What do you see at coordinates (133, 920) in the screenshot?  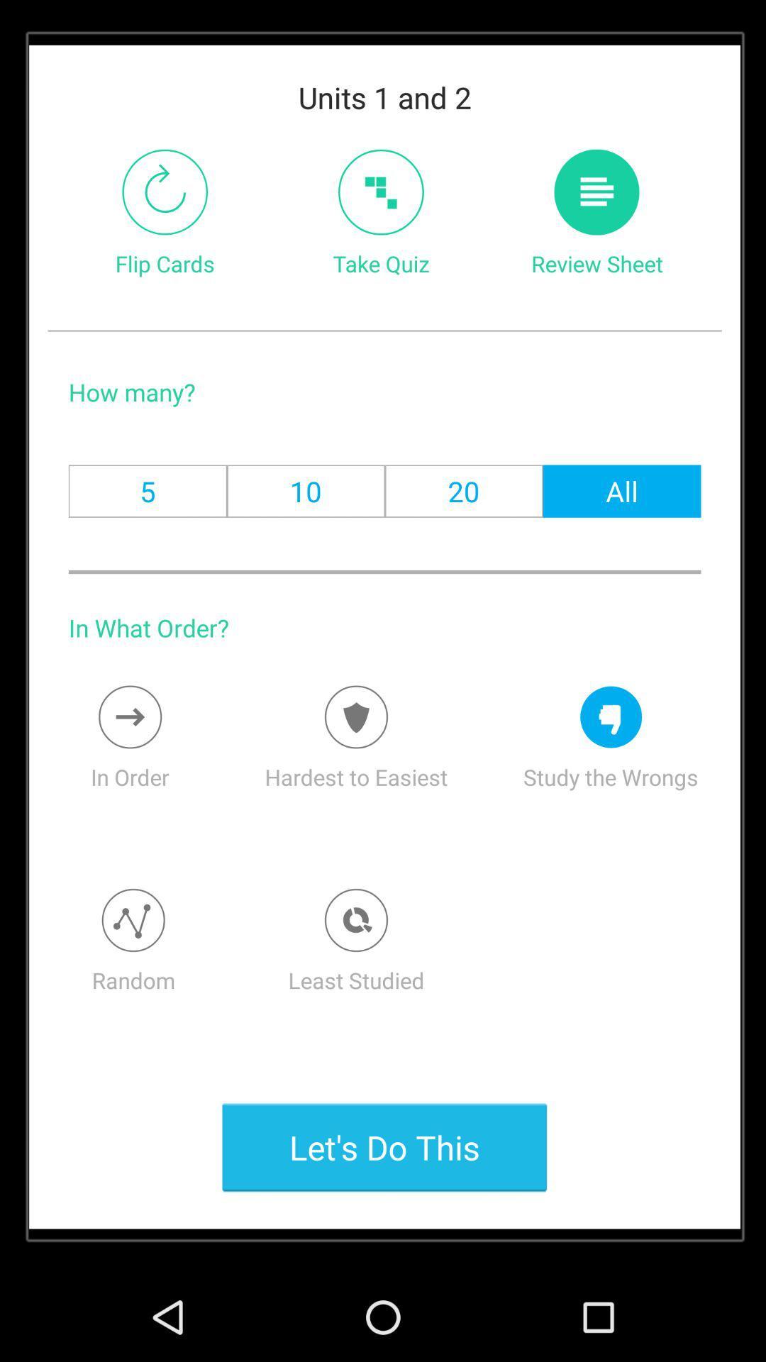 I see `categories` at bounding box center [133, 920].